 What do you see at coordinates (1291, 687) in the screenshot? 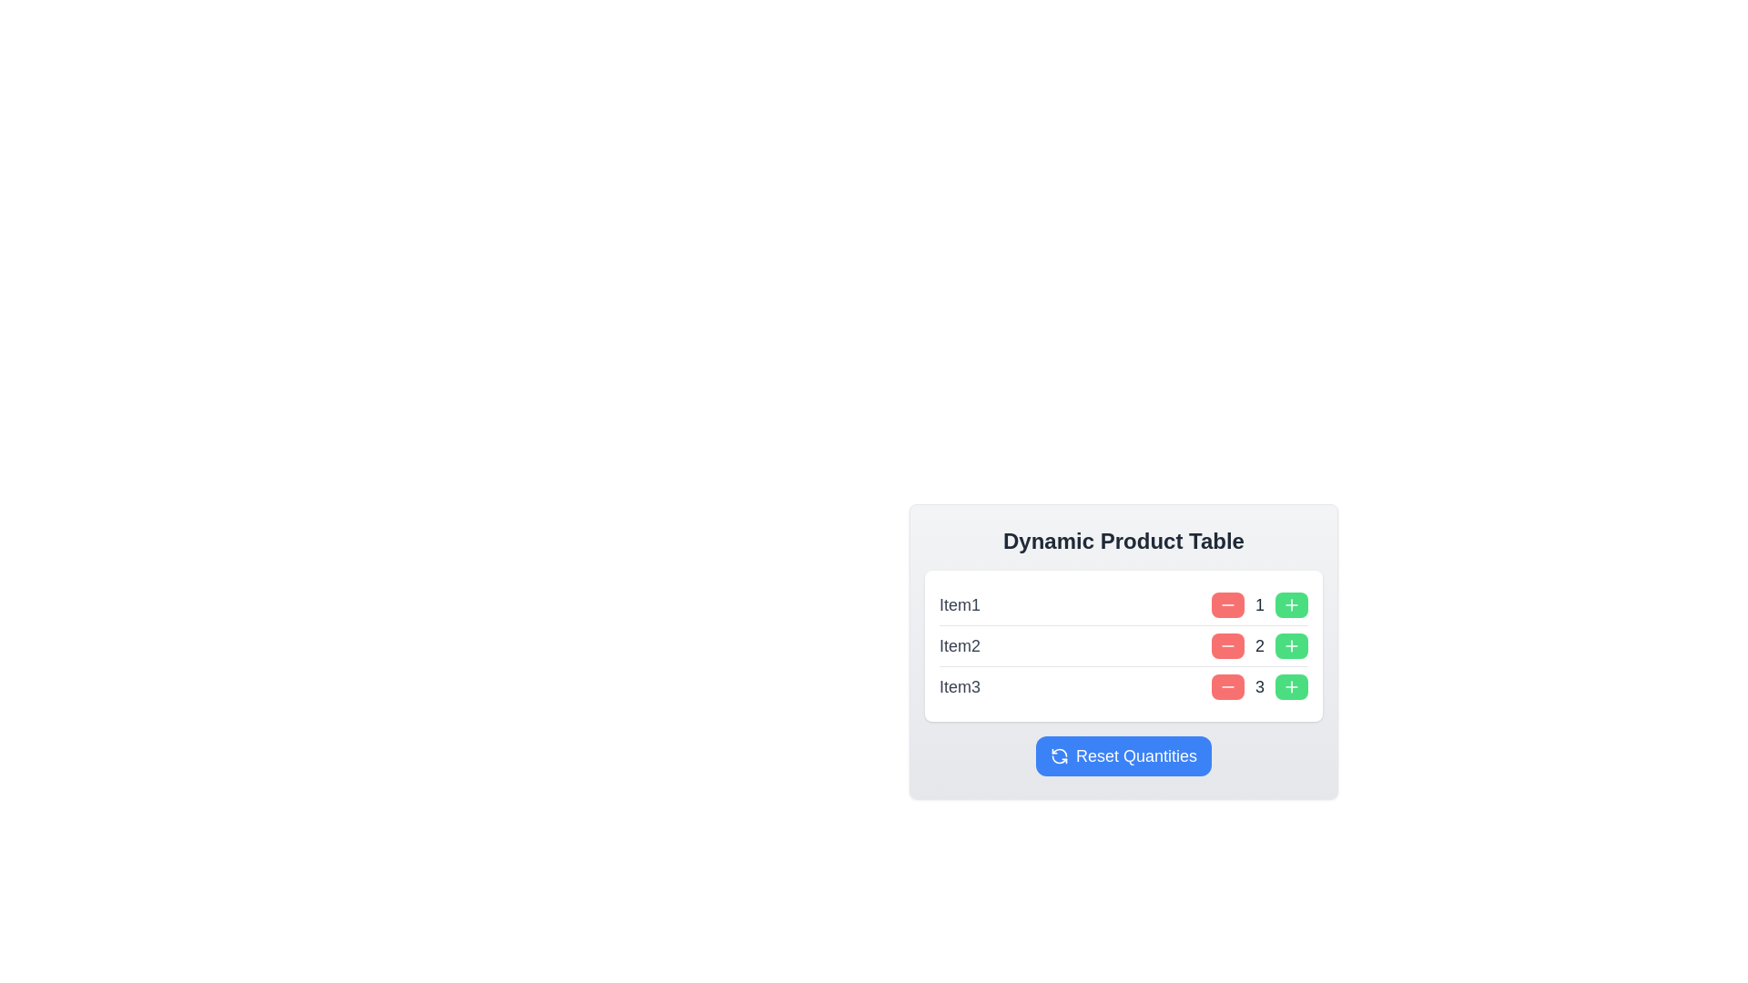
I see `the increment button located in the third row of the item list, positioned to the right of the numeric value '3'` at bounding box center [1291, 687].